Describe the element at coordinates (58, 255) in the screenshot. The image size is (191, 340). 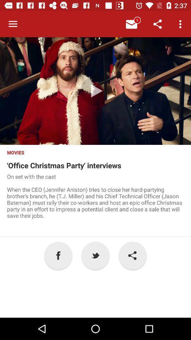
I see `icon to the left of the p item` at that location.